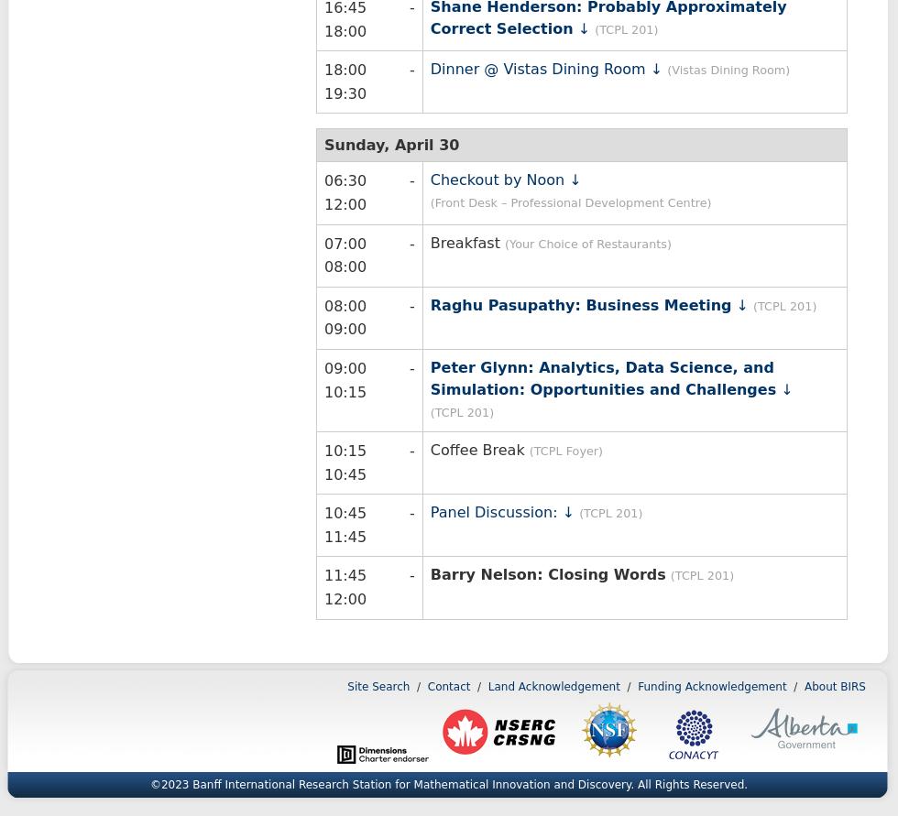 Image resolution: width=898 pixels, height=816 pixels. What do you see at coordinates (368, 379) in the screenshot?
I see `'09:00 - 10:15'` at bounding box center [368, 379].